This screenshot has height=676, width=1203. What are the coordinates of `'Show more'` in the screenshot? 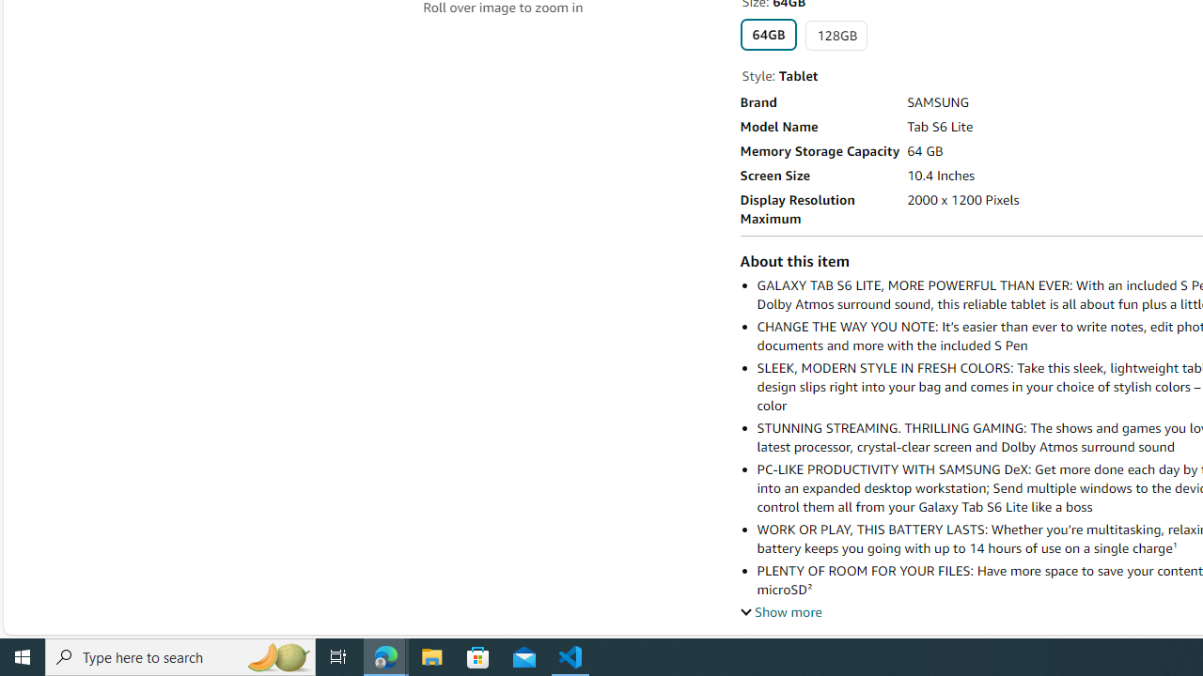 It's located at (781, 611).